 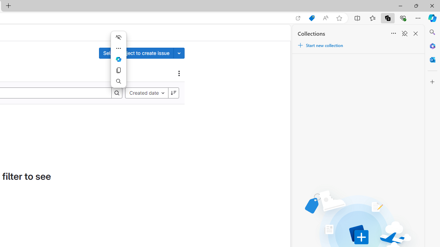 I want to click on 'Mini menu on text selection', so click(x=118, y=59).